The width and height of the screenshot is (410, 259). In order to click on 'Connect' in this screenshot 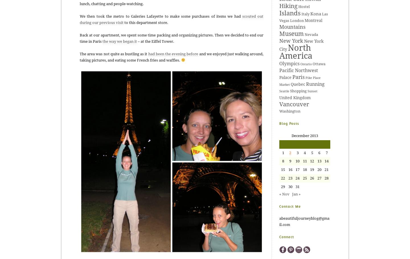, I will do `click(279, 237)`.